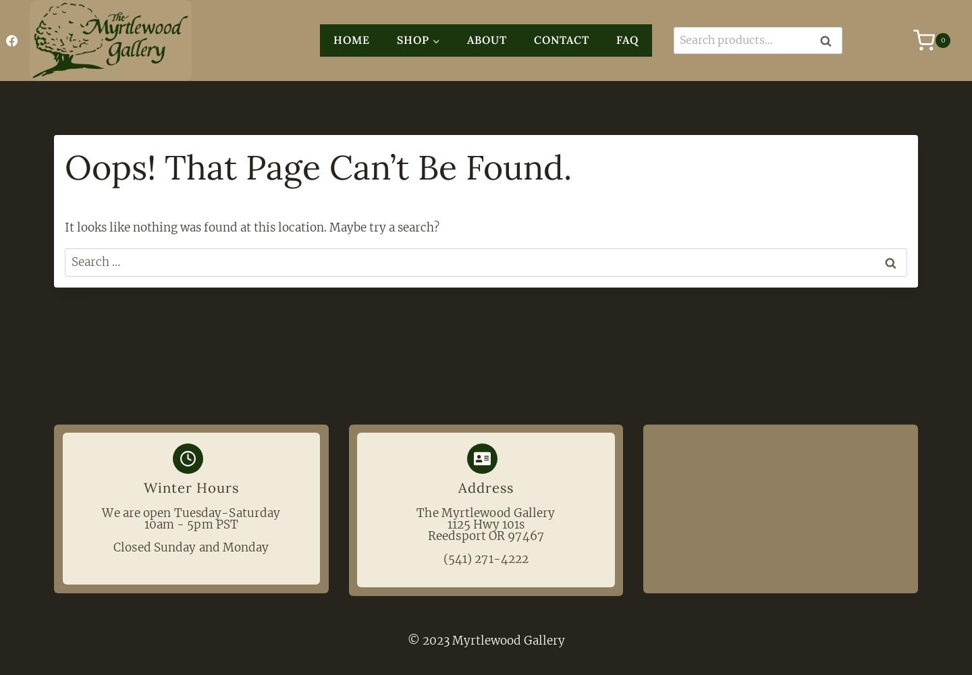  I want to click on 'We are open Tuesday-Saturday', so click(190, 513).